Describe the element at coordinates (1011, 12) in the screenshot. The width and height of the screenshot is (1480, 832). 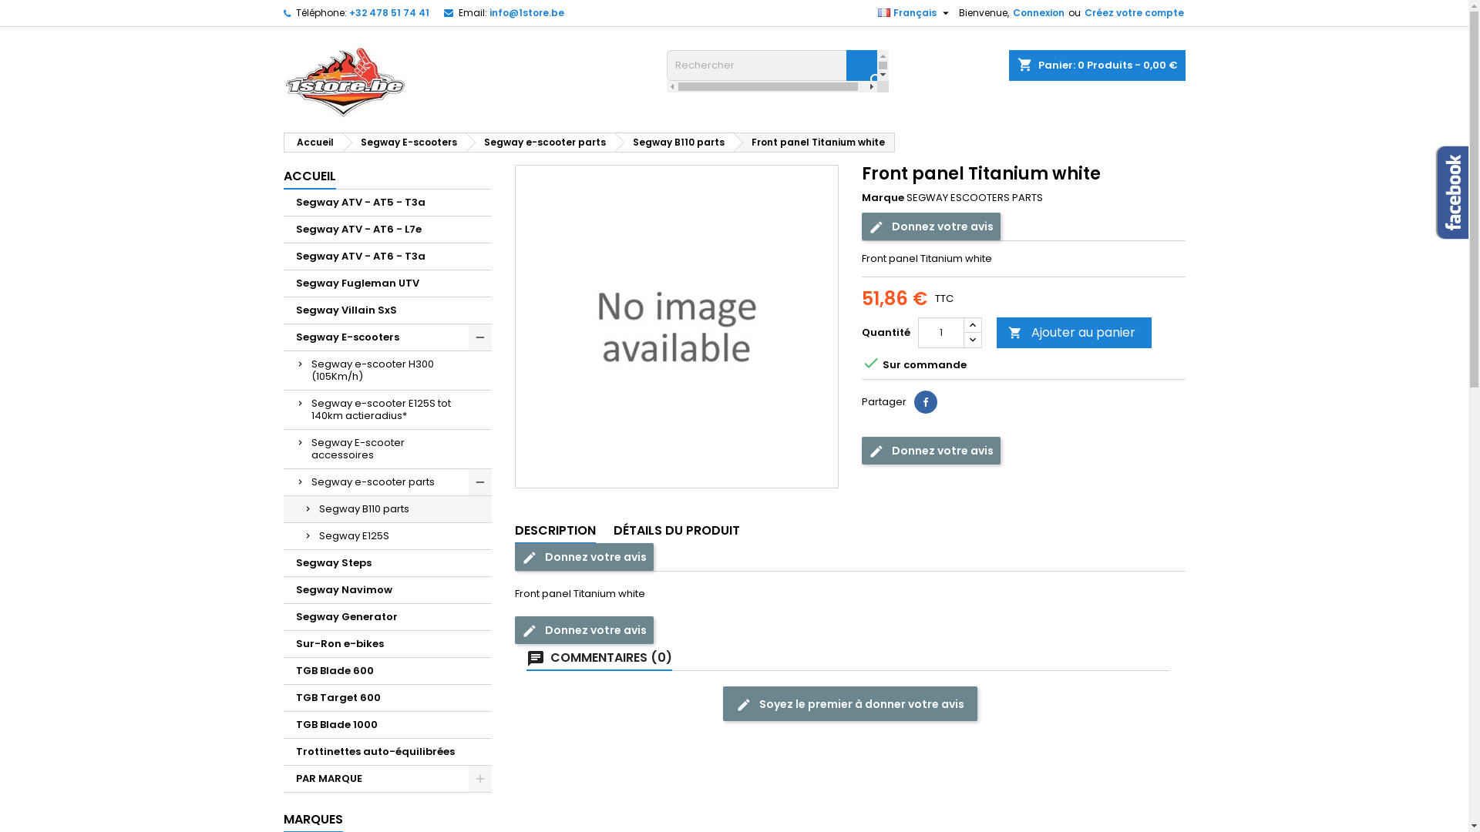
I see `'Connexion'` at that location.